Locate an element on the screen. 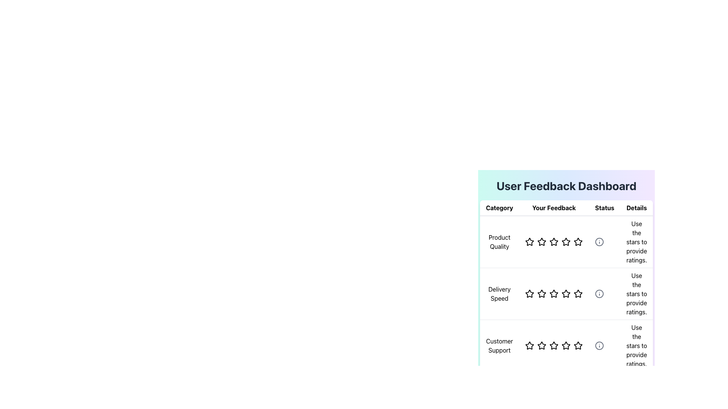 The width and height of the screenshot is (728, 409). the center star in the Feedback rating section titled 'Delivery Speed' to rate this category is located at coordinates (566, 293).